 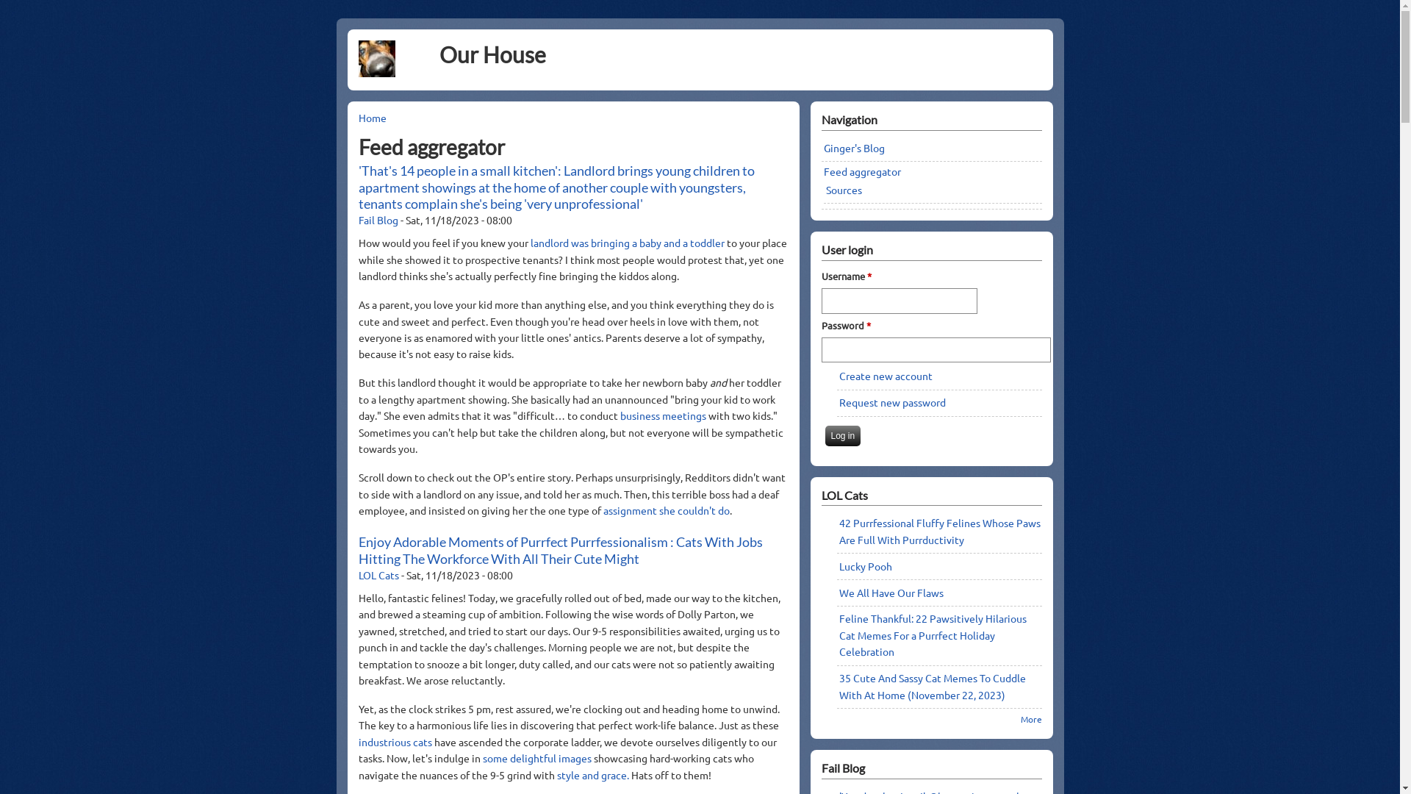 What do you see at coordinates (1030, 718) in the screenshot?
I see `'More'` at bounding box center [1030, 718].